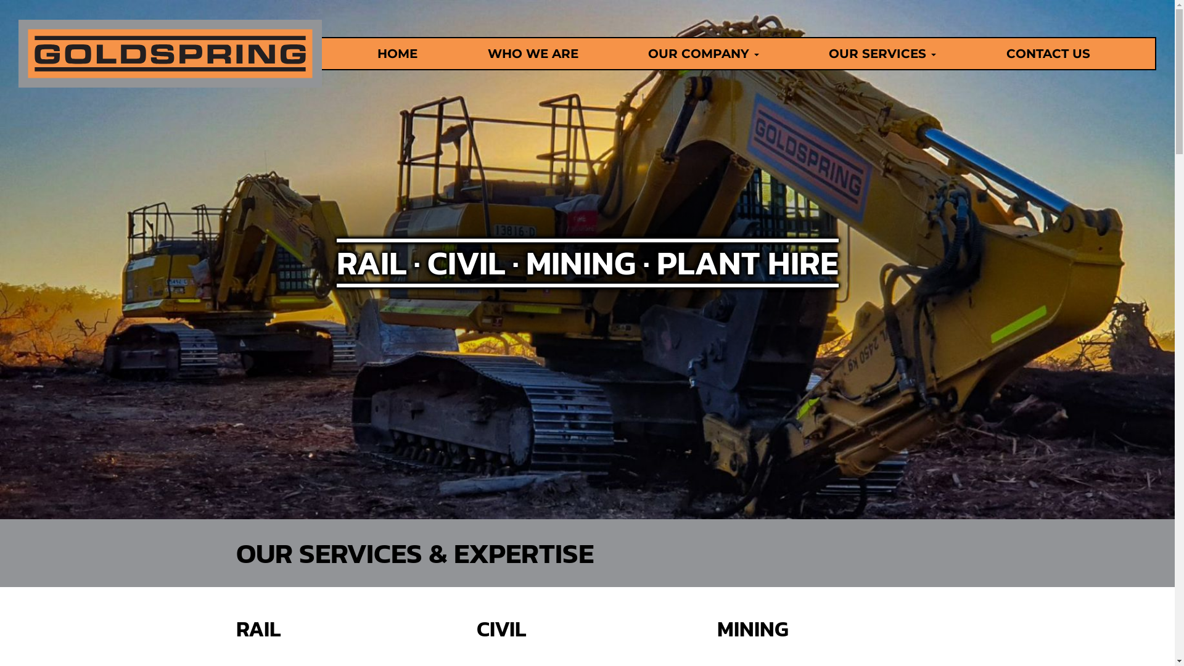  What do you see at coordinates (624, 53) in the screenshot?
I see `'OUR COMPANY'` at bounding box center [624, 53].